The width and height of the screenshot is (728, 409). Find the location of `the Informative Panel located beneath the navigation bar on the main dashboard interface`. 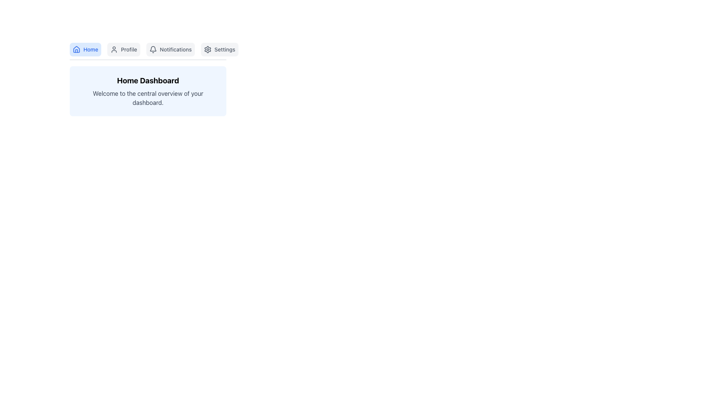

the Informative Panel located beneath the navigation bar on the main dashboard interface is located at coordinates (148, 79).